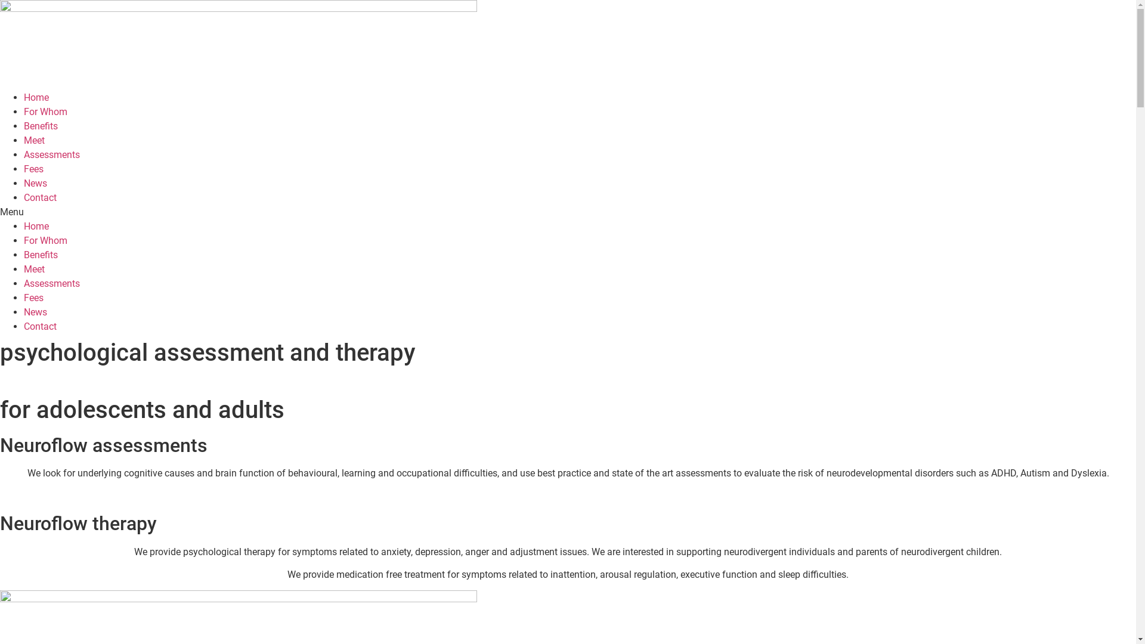 The width and height of the screenshot is (1145, 644). I want to click on 'Contact', so click(23, 326).